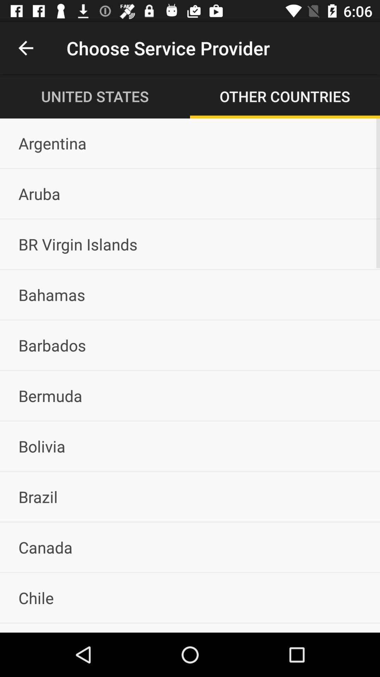  Describe the element at coordinates (190, 143) in the screenshot. I see `the icon below united states` at that location.